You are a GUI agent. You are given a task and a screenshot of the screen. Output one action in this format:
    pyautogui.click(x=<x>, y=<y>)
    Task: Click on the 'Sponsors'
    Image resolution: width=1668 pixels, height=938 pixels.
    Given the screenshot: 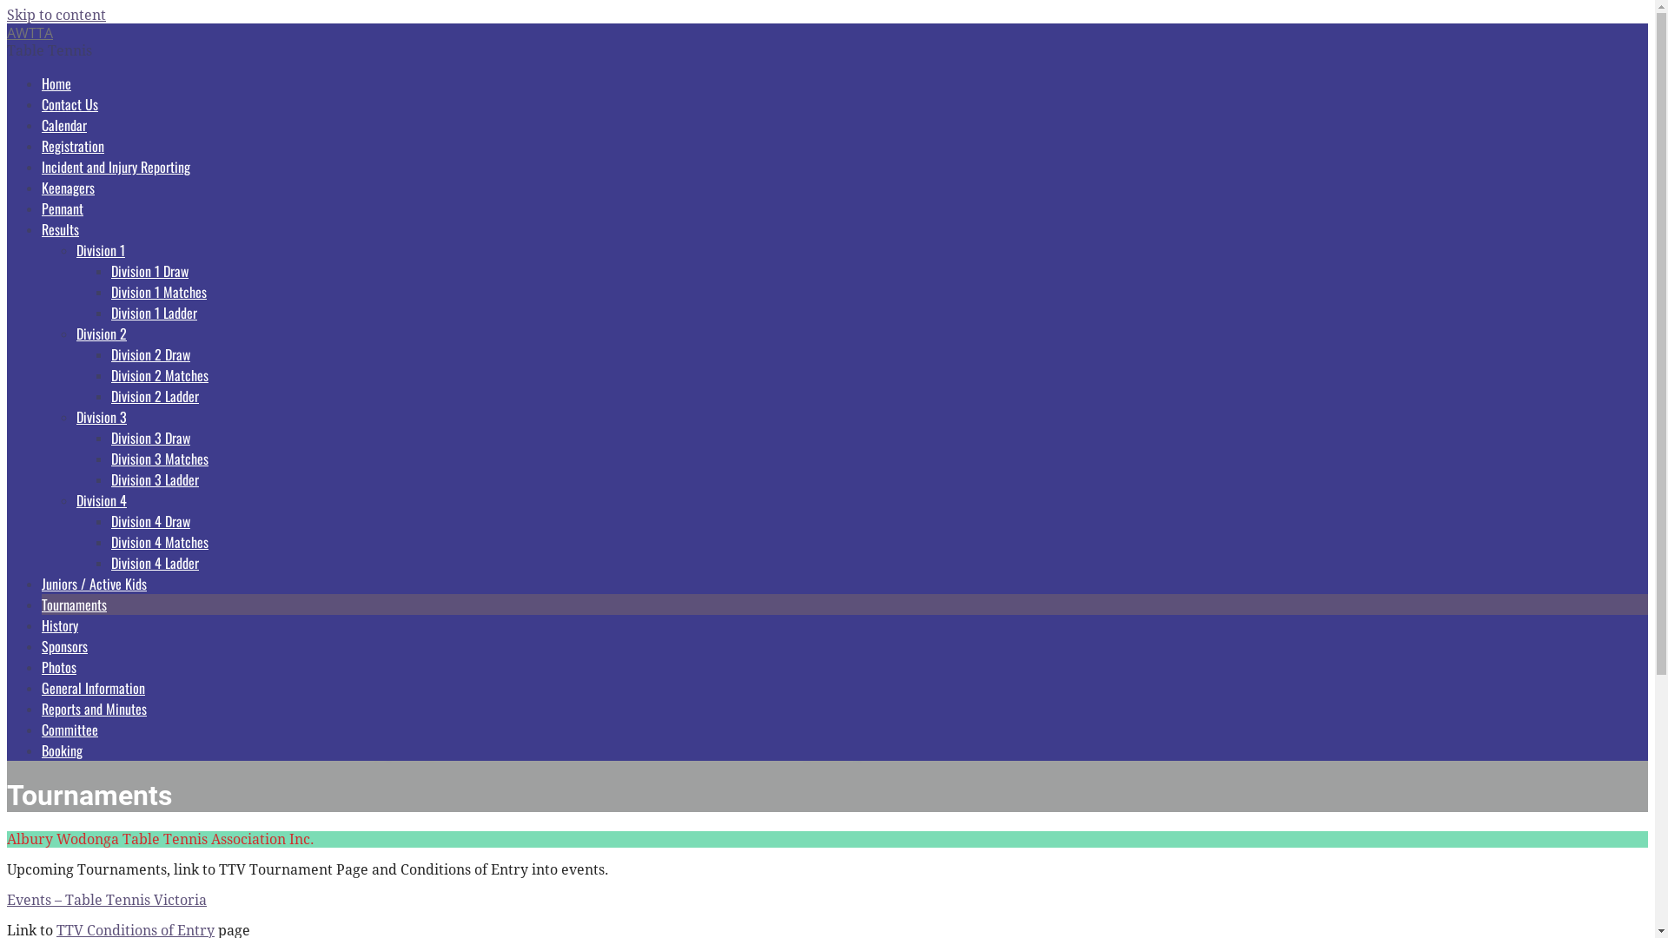 What is the action you would take?
    pyautogui.click(x=64, y=646)
    